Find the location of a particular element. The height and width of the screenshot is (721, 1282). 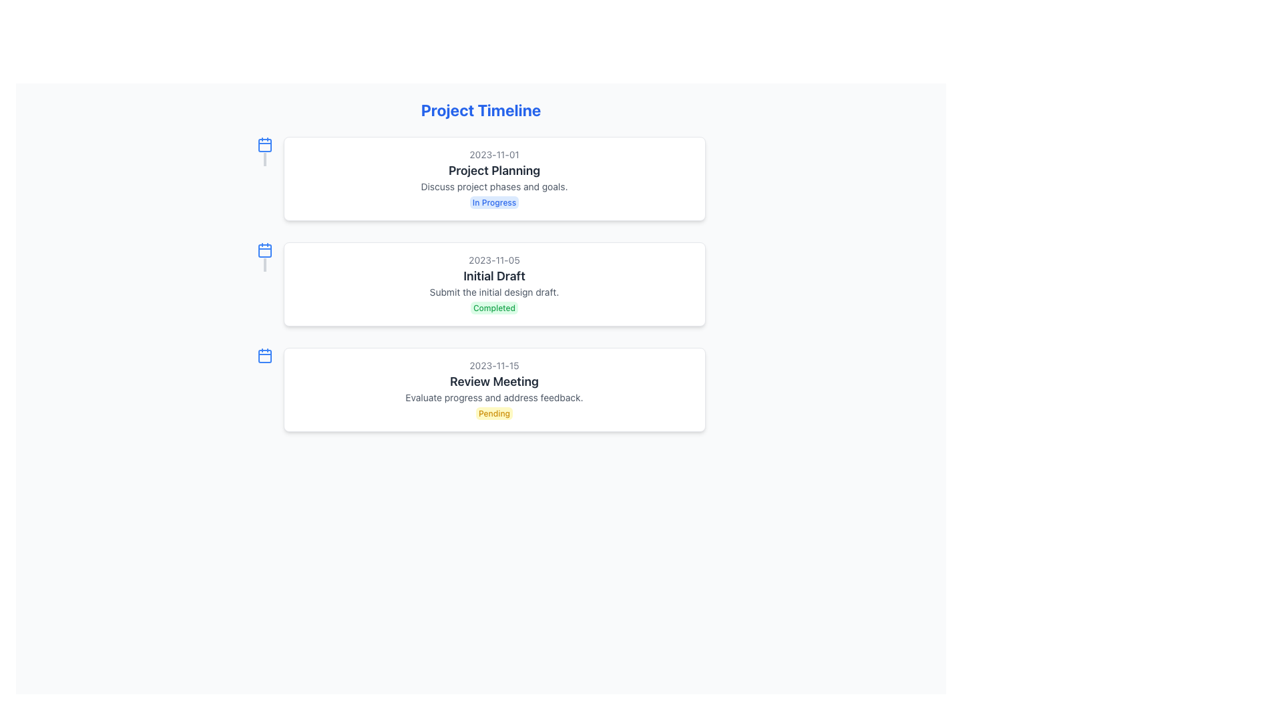

the static text element displaying 'Project Planning', which is a prominent heading in a white card layout, centrally aligned and positioned beneath the date '2023-11-01' is located at coordinates (493, 170).